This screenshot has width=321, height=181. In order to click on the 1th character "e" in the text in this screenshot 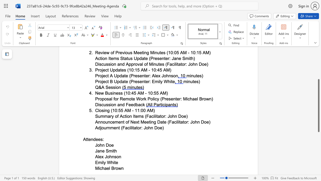, I will do `click(90, 139)`.